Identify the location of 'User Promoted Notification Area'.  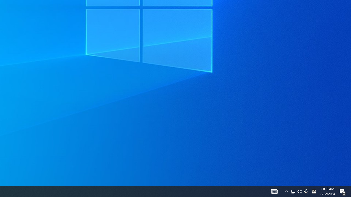
(299, 191).